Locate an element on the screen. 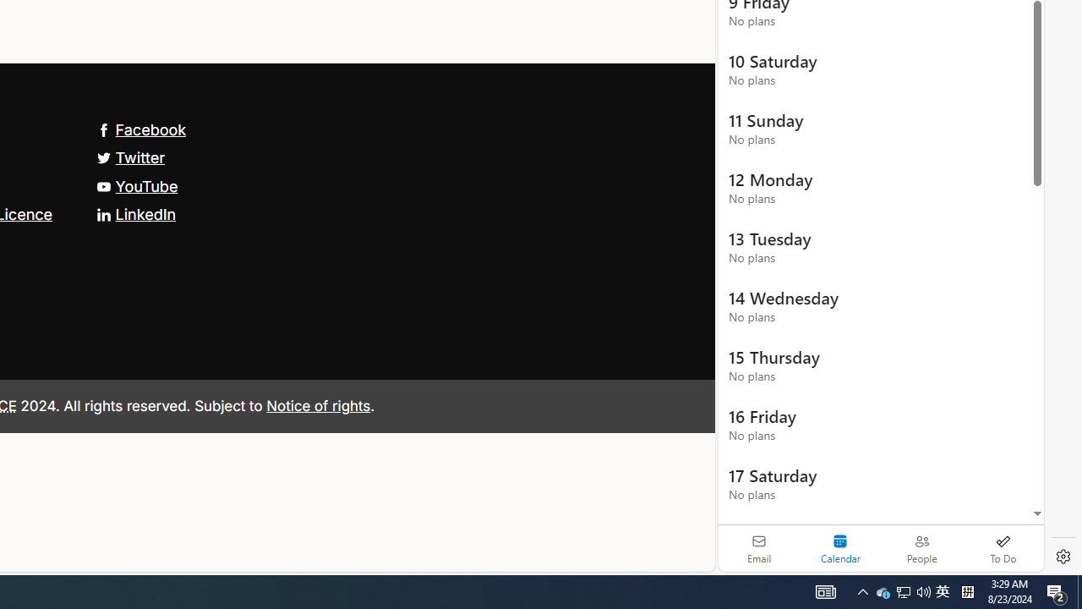 The width and height of the screenshot is (1082, 609). 'Notice of rights' is located at coordinates (318, 405).